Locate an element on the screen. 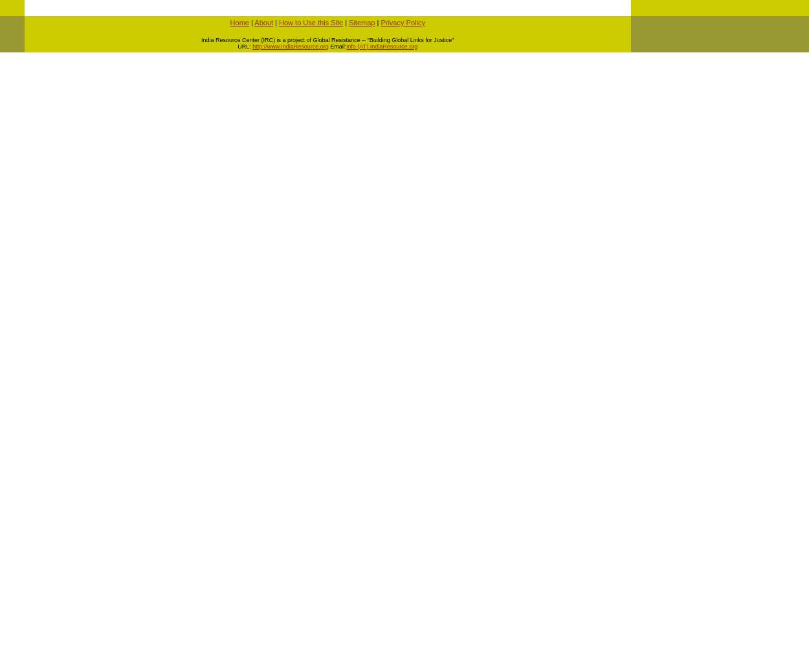  'Email:' is located at coordinates (337, 46).